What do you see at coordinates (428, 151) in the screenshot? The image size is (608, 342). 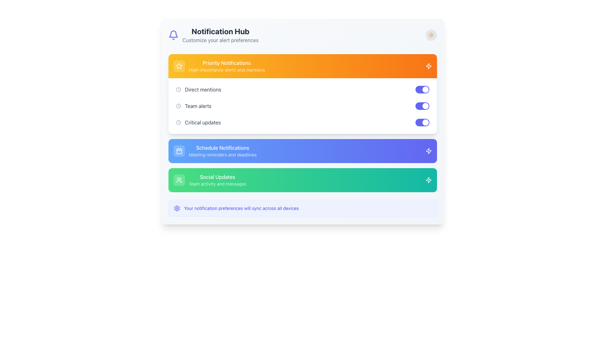 I see `the icon located on the 'Schedule Notifications' button in the Notification Hub interface, positioned on the right-hand side of the button` at bounding box center [428, 151].